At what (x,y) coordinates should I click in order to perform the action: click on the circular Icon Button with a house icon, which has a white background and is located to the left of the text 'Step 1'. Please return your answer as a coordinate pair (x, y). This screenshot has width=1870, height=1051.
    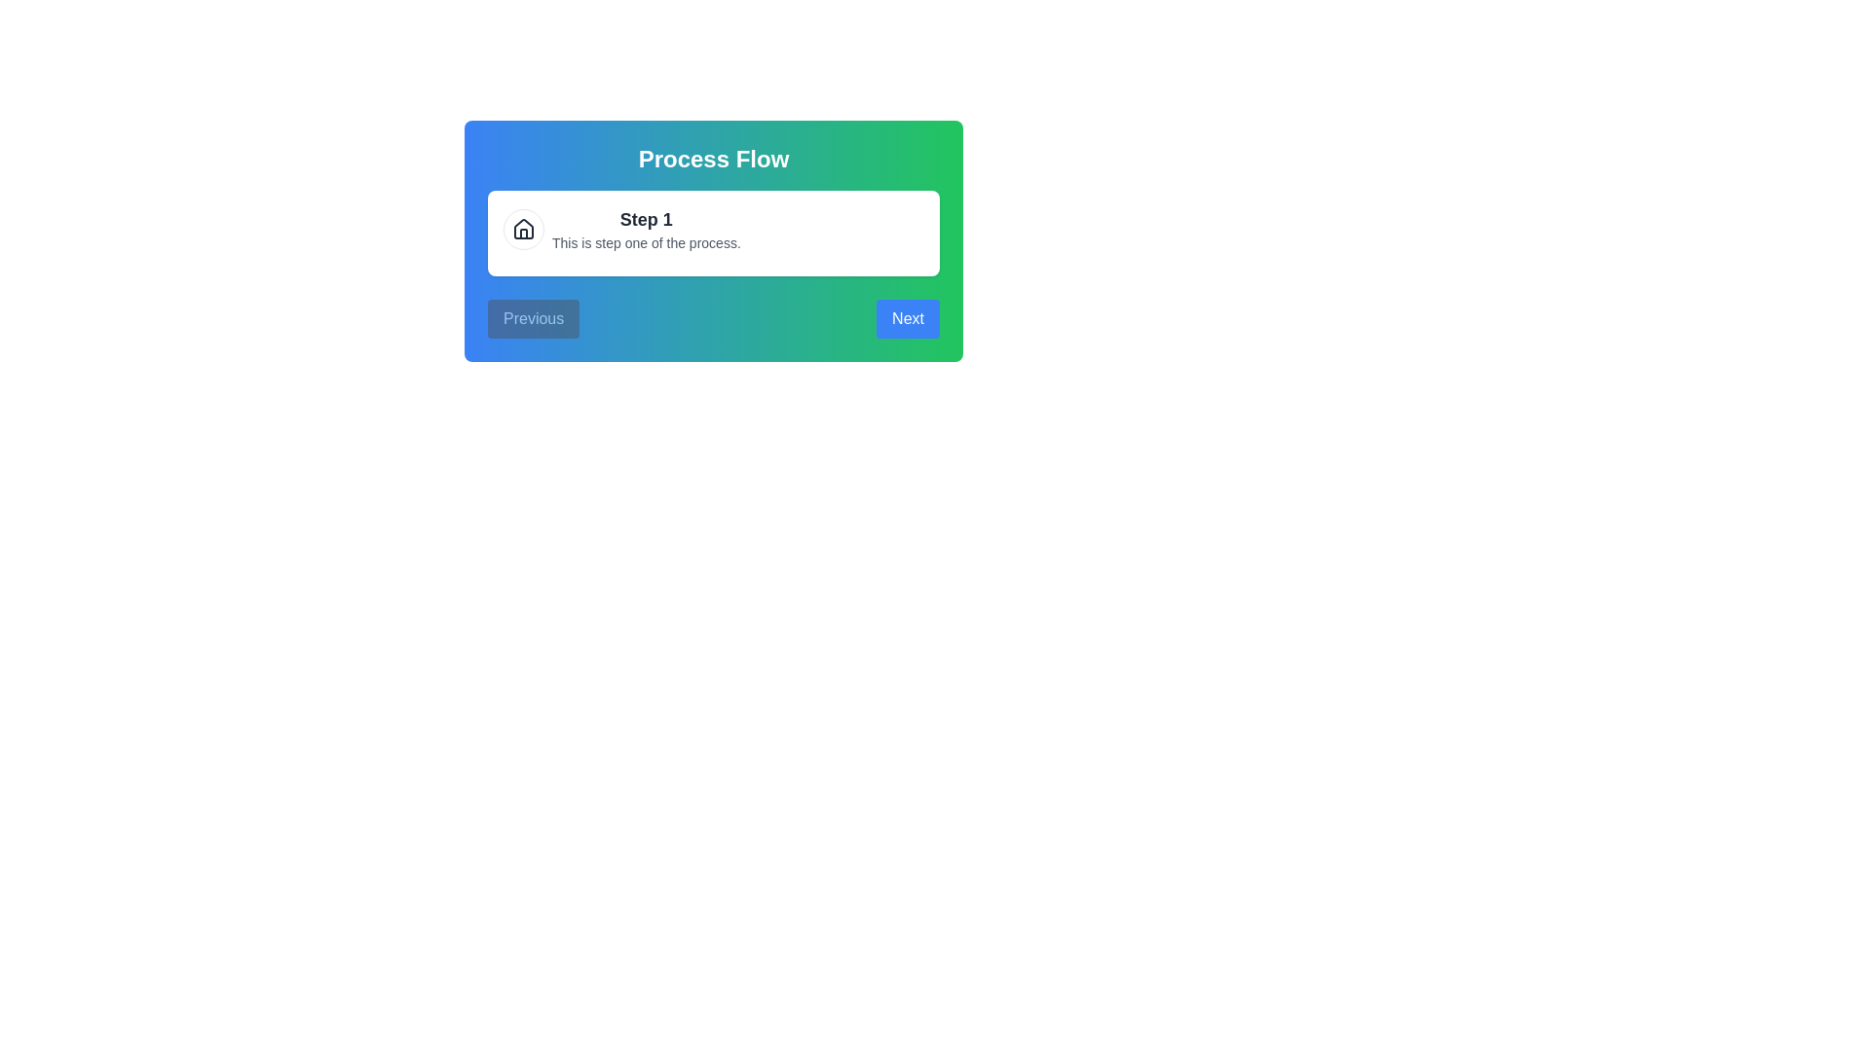
    Looking at the image, I should click on (523, 228).